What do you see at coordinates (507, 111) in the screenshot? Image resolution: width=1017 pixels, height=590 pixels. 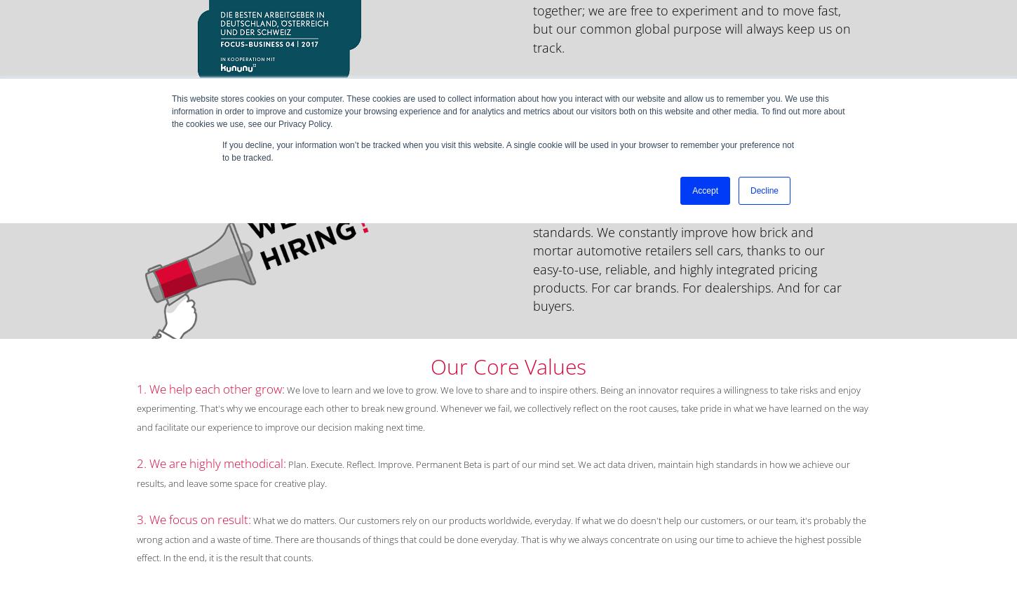 I see `'This website stores cookies on your computer. These cookies are used to collect information about how you interact with our website and allow us to remember you. We use this information in order to improve and customize your browsing experience and for analytics and metrics about our visitors both on this website and other media. To find out more about the cookies we use, see our Privacy Policy.'` at bounding box center [507, 111].